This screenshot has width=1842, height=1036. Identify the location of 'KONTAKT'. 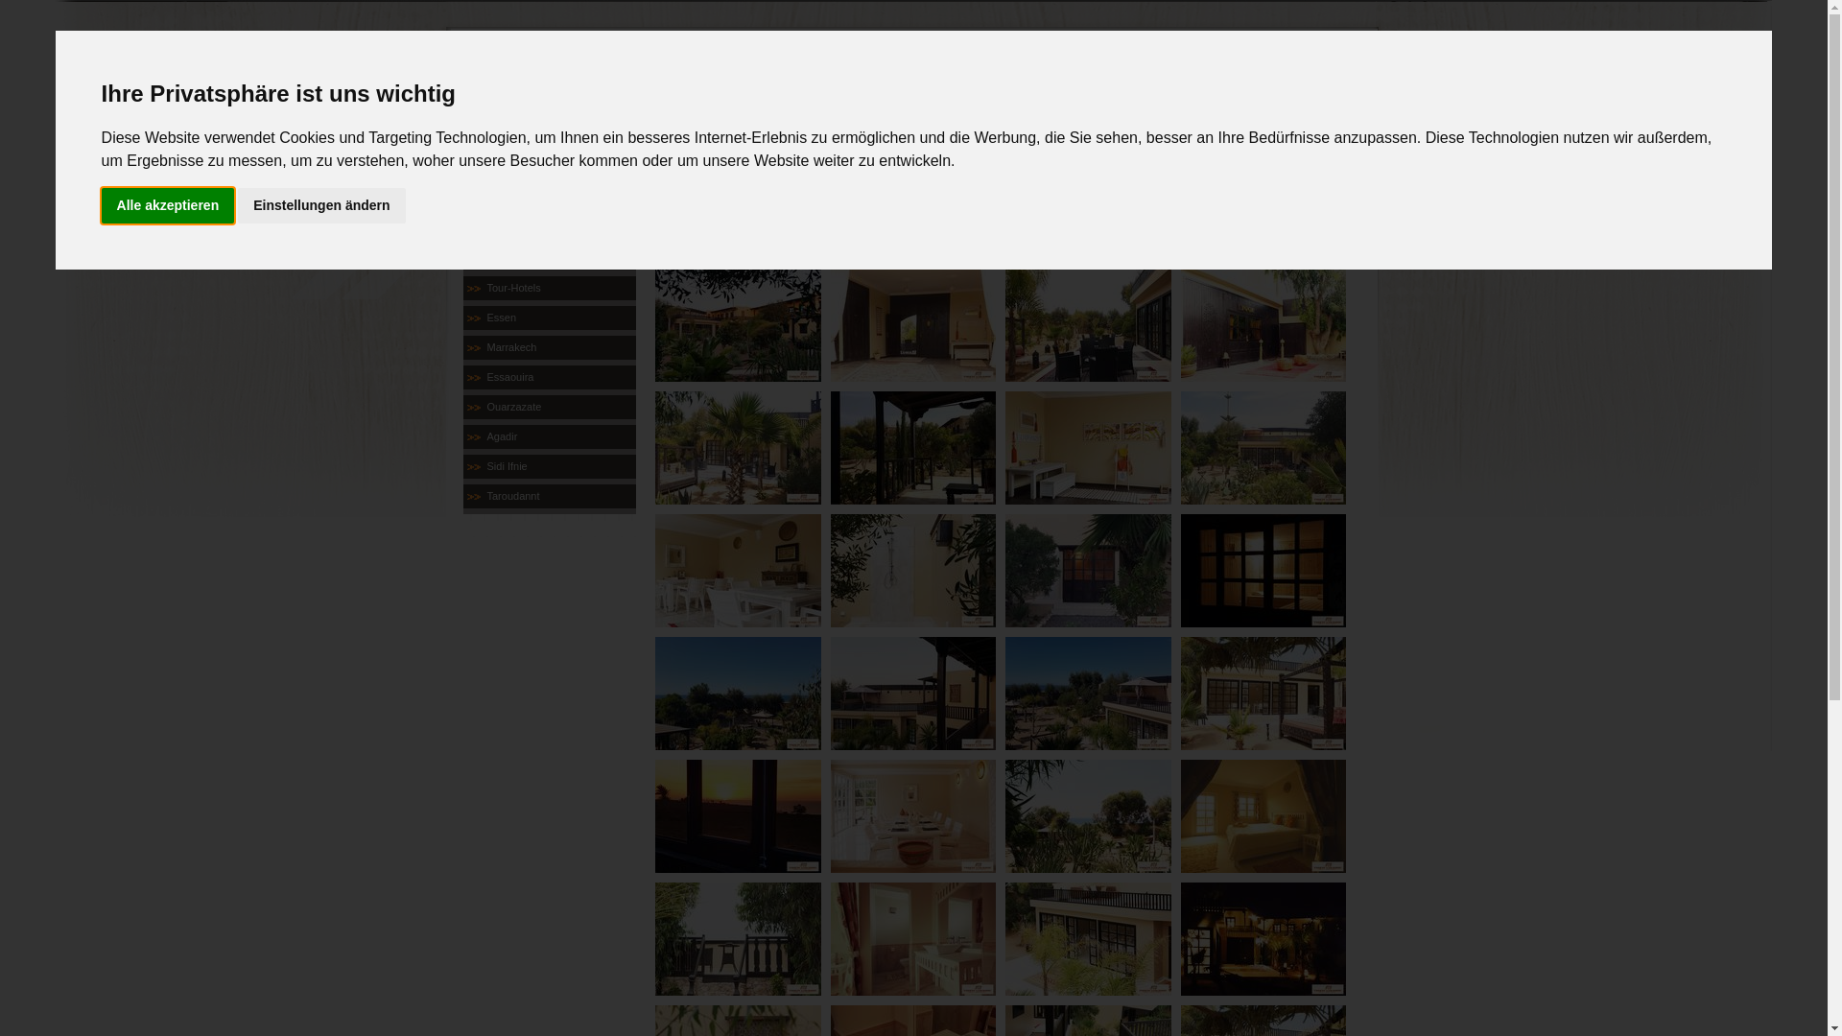
(1135, 195).